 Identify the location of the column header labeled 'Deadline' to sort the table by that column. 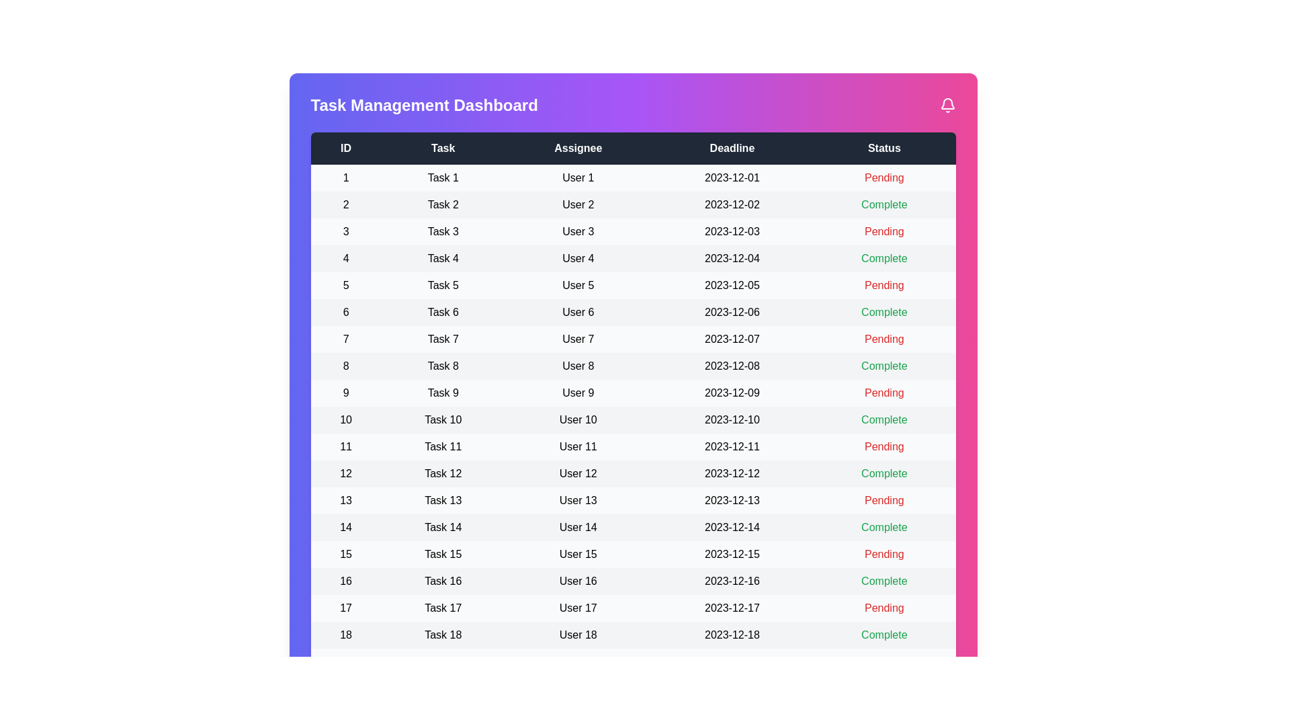
(731, 148).